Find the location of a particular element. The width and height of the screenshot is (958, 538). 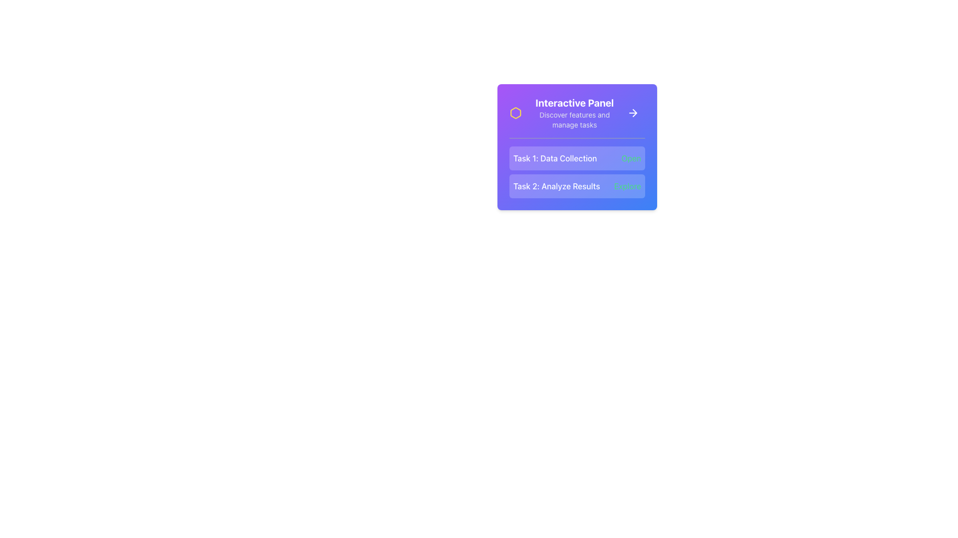

the 'Open' link in the fourth task entry of the task navigation list located within the 'Interactive Panel' to initiate Task 1 is located at coordinates (577, 172).